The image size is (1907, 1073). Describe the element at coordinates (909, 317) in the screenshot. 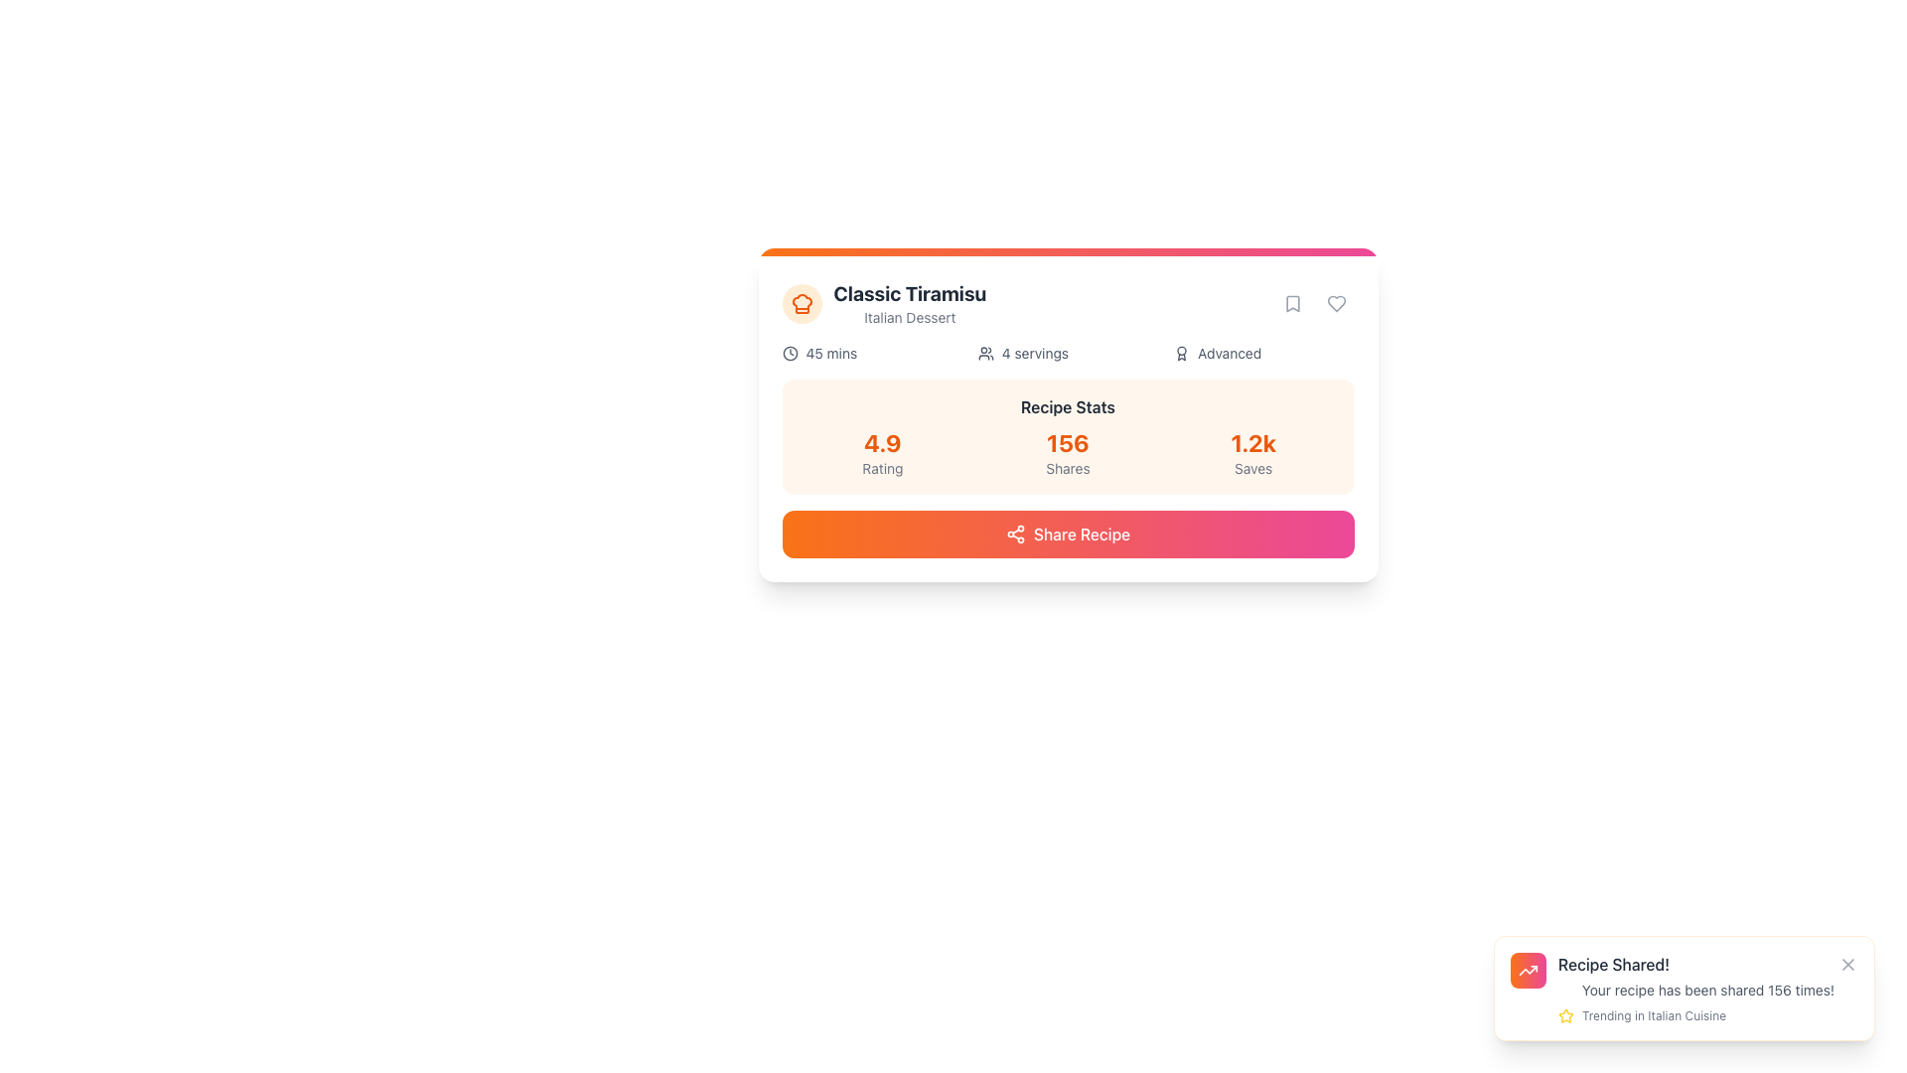

I see `the 'Italian Dessert' text label located below the 'Classic Tiramisu' headline in the recipe card` at that location.